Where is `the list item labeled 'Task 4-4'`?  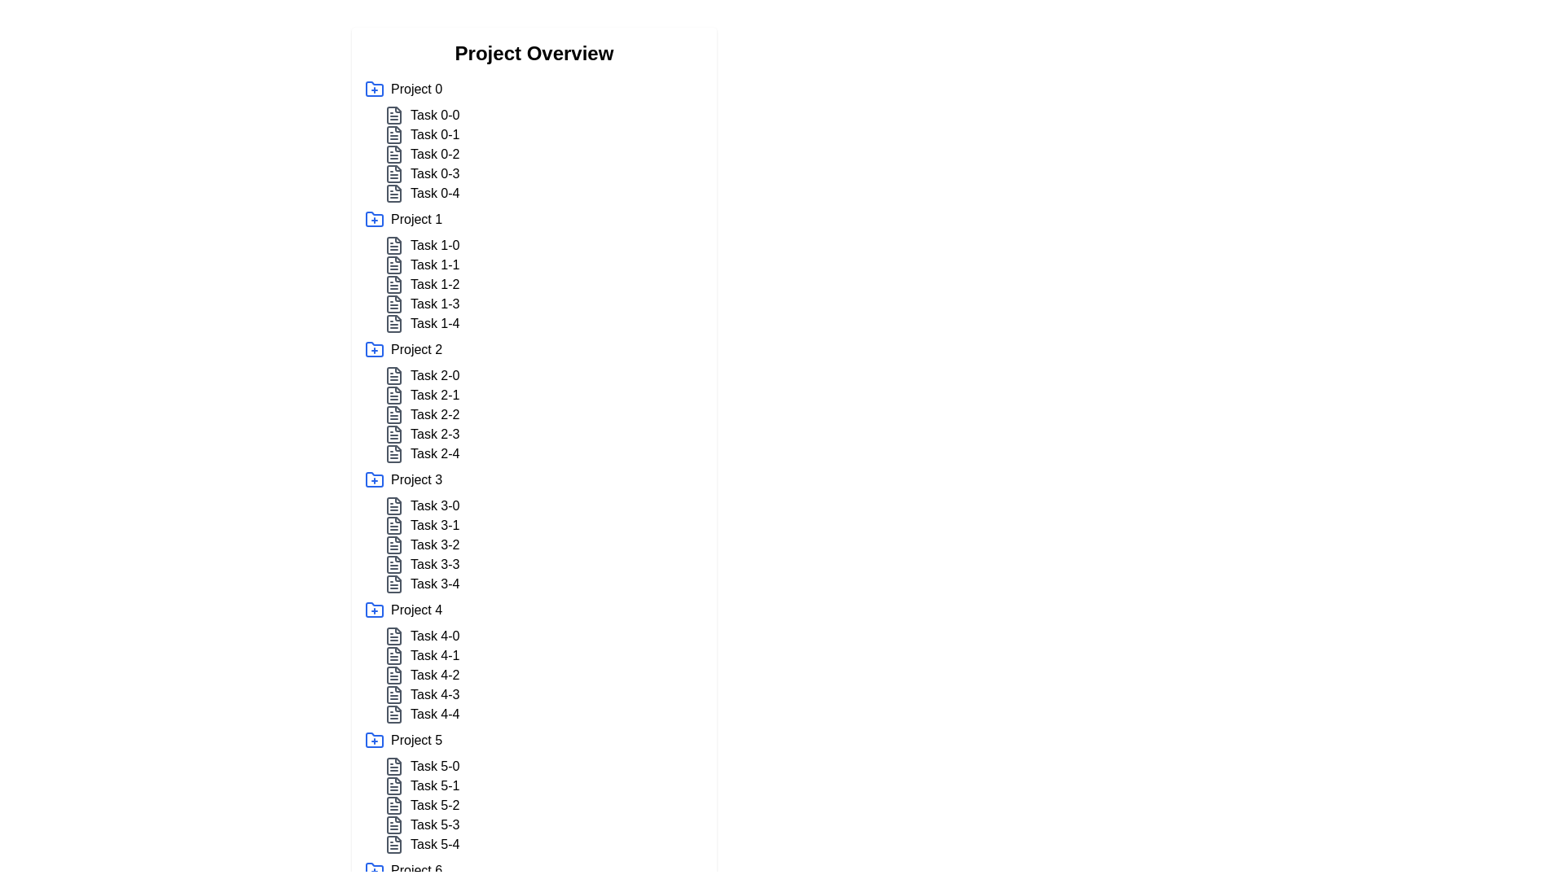
the list item labeled 'Task 4-4' is located at coordinates (435, 714).